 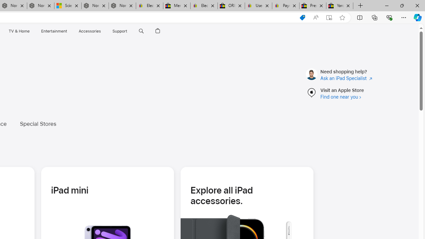 What do you see at coordinates (246, 195) in the screenshot?
I see `'Explore all iPad accessories.'` at bounding box center [246, 195].